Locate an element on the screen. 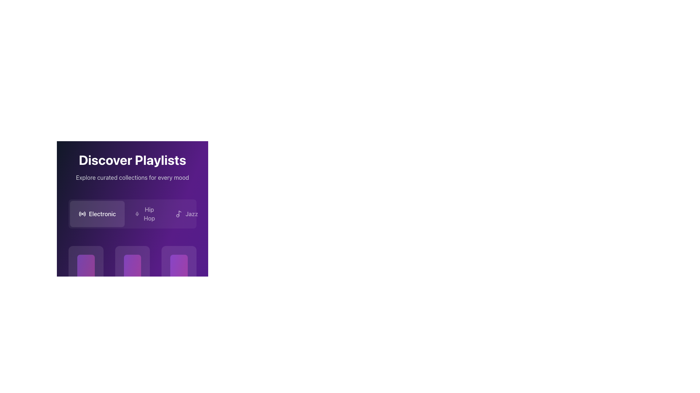  the static text providing additional context about the playlists curated for different moods, located below the heading 'Discover Playlists' is located at coordinates (132, 178).